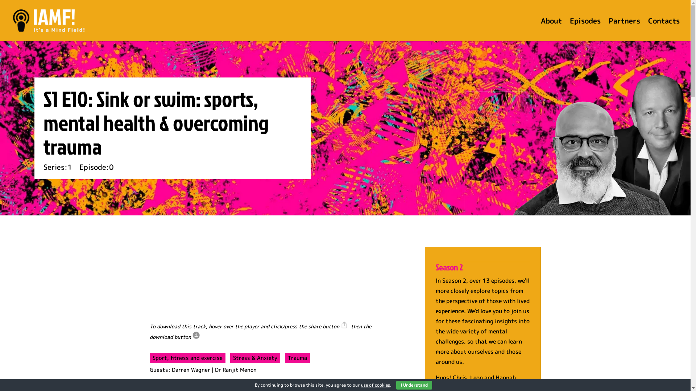 The width and height of the screenshot is (696, 391). What do you see at coordinates (229, 357) in the screenshot?
I see `'Stress & Anxiety'` at bounding box center [229, 357].